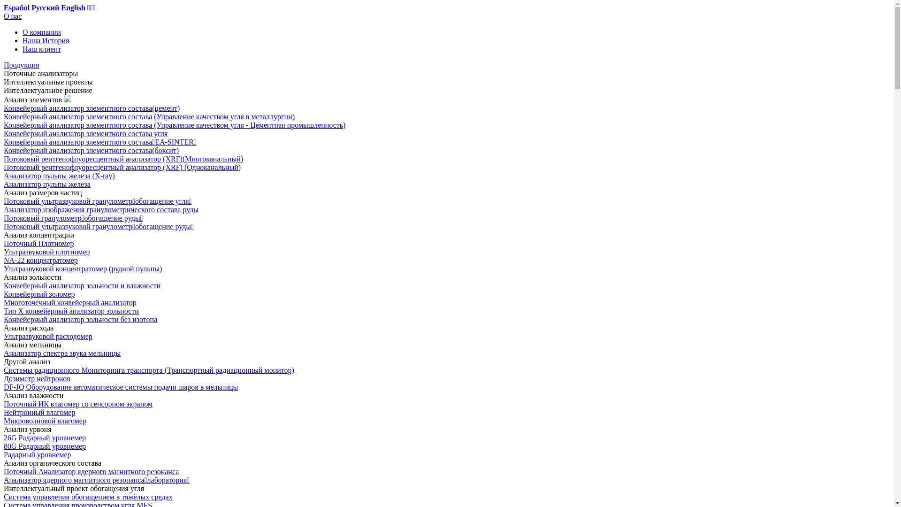 This screenshot has height=507, width=901. I want to click on 'English', so click(60, 8).